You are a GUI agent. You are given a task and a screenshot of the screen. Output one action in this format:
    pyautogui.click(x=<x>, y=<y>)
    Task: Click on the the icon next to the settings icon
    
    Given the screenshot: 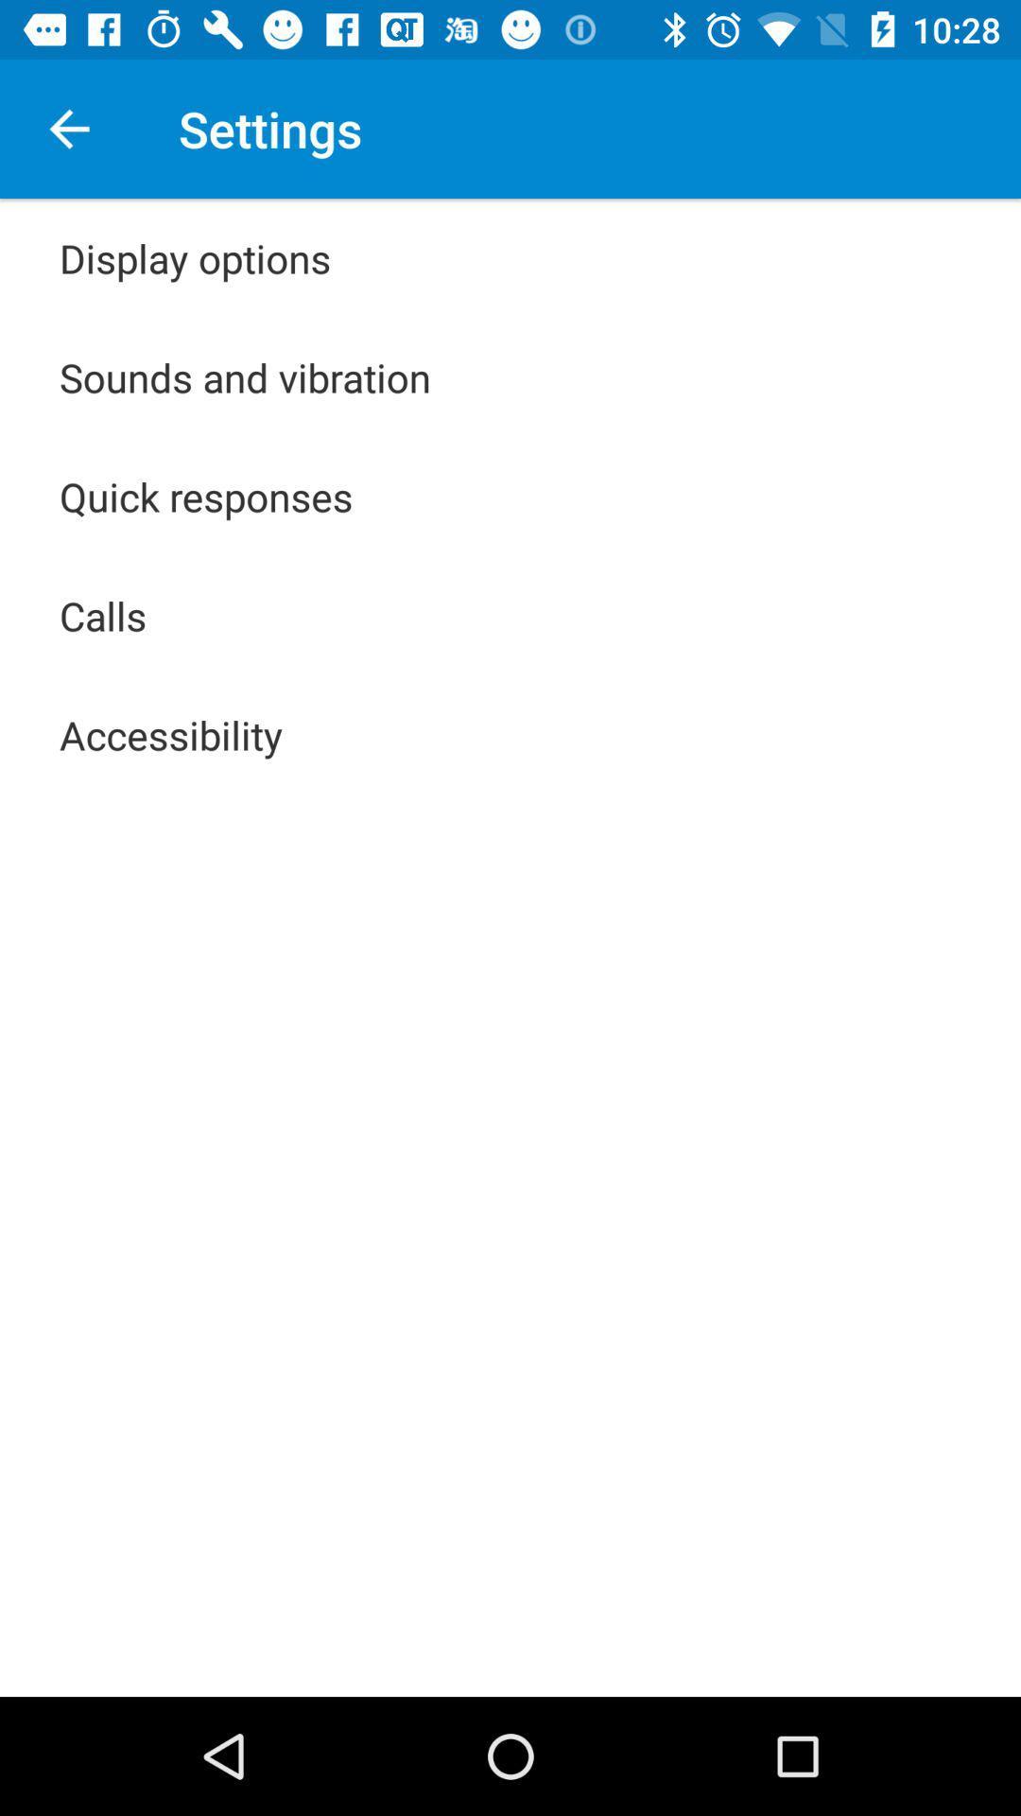 What is the action you would take?
    pyautogui.click(x=68, y=128)
    